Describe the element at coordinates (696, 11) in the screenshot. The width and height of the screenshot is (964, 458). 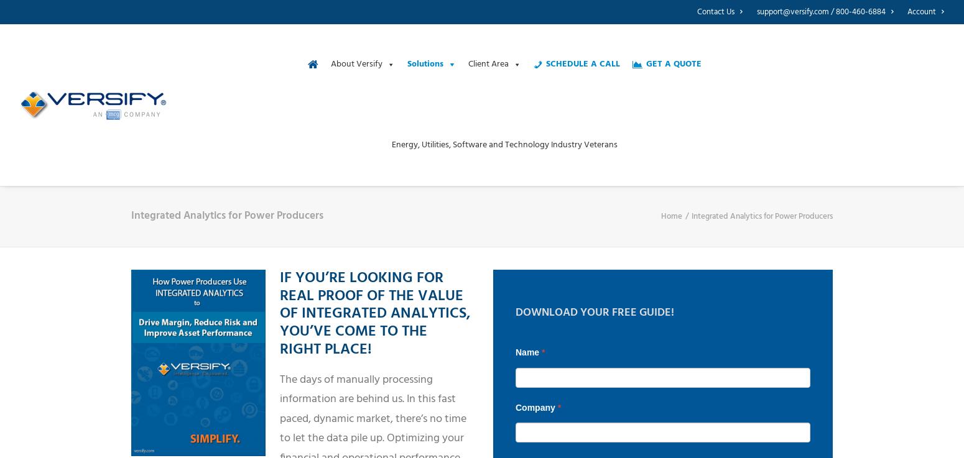
I see `'Contact Us'` at that location.